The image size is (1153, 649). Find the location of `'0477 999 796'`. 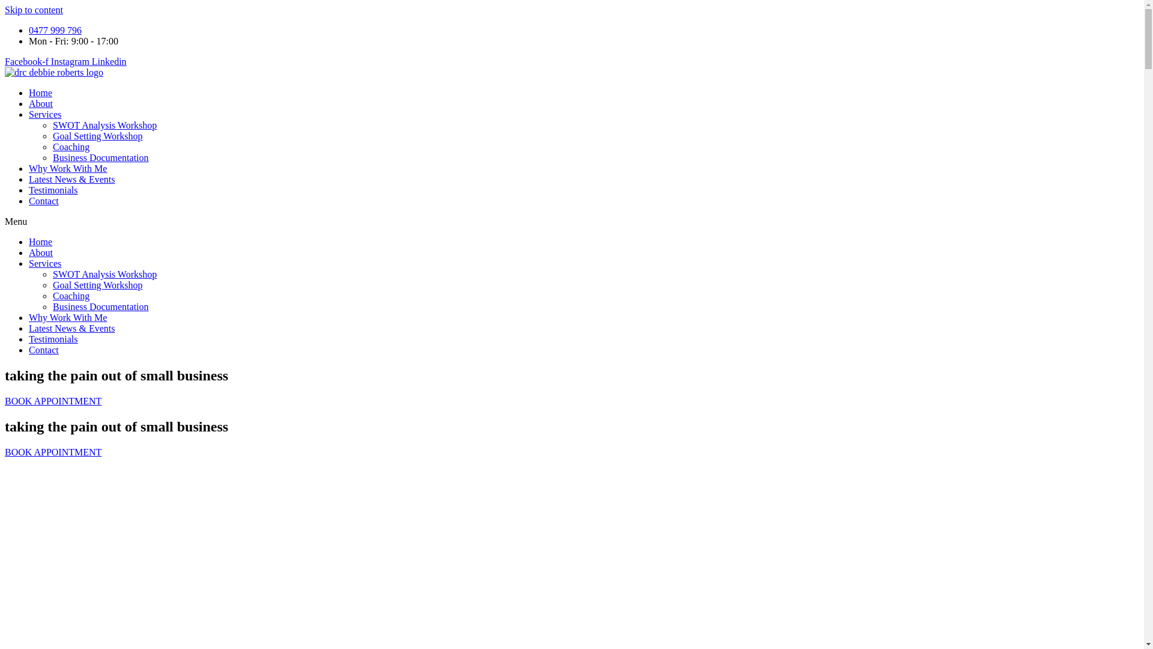

'0477 999 796' is located at coordinates (29, 29).